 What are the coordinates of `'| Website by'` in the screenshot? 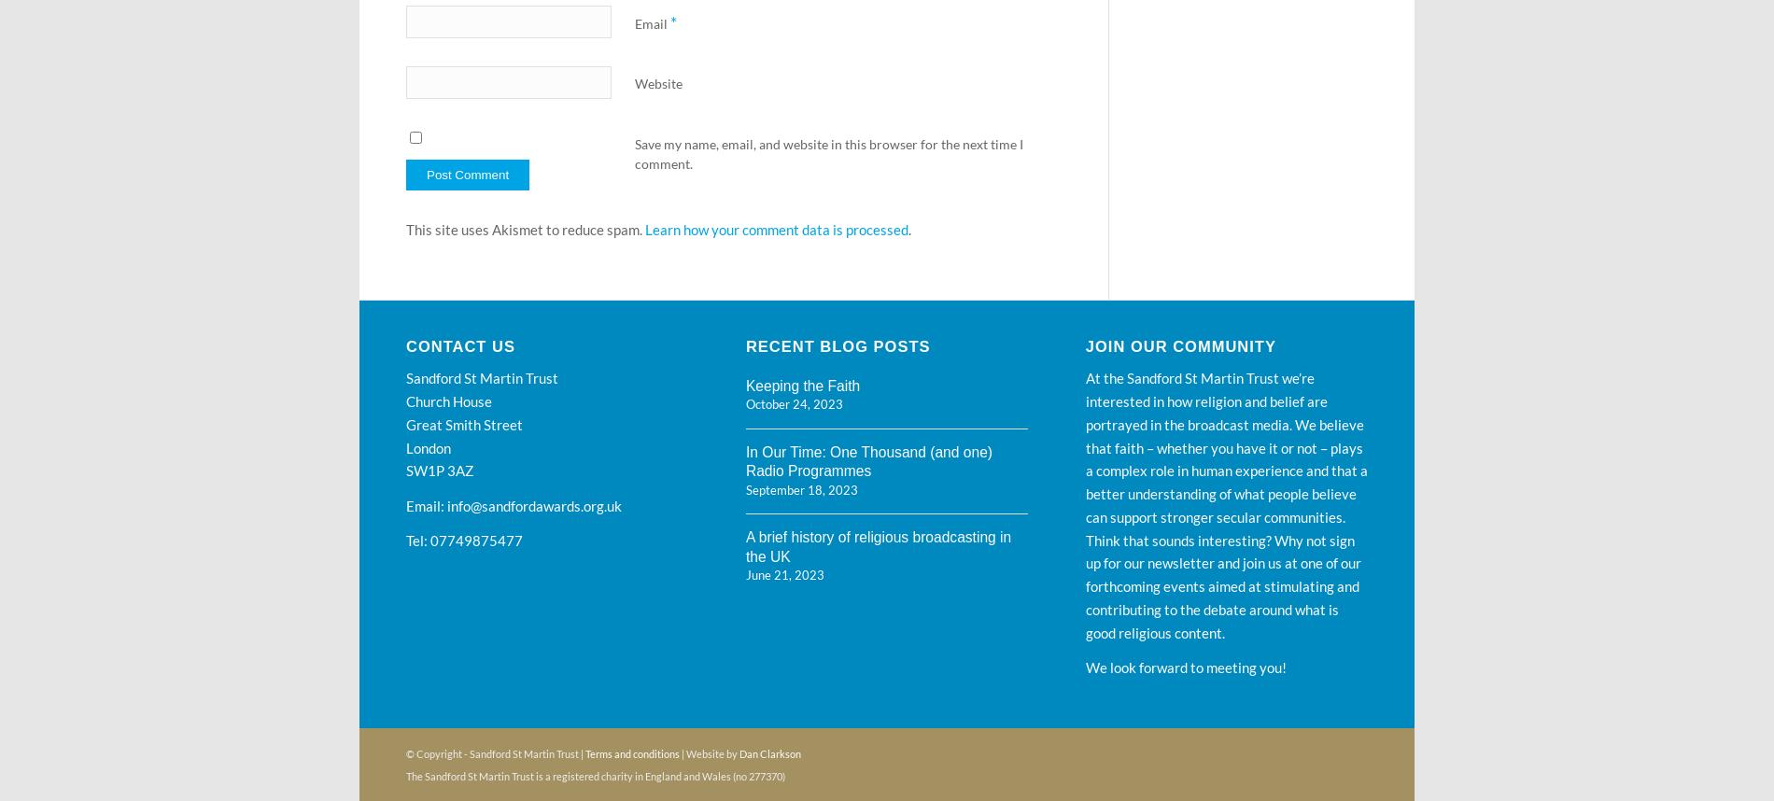 It's located at (709, 752).